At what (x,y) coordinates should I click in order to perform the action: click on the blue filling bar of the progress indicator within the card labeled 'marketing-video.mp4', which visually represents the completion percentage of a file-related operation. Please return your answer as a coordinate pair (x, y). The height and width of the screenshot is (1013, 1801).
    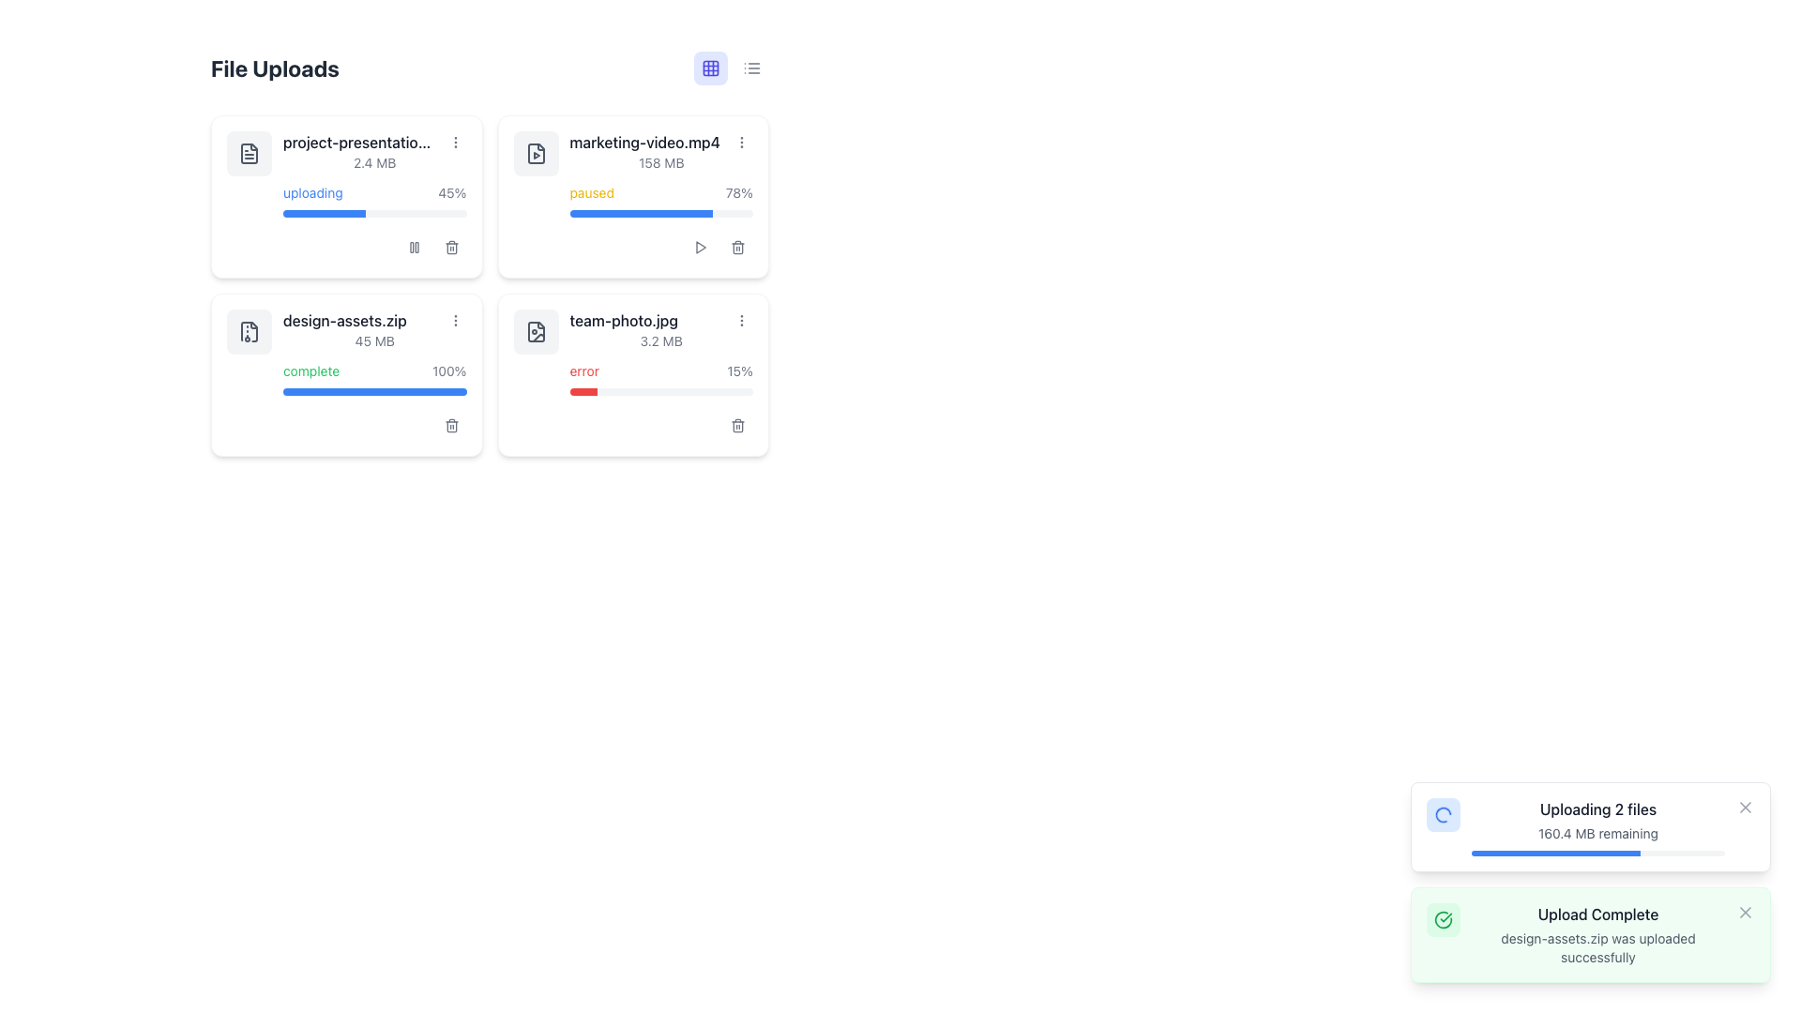
    Looking at the image, I should click on (641, 212).